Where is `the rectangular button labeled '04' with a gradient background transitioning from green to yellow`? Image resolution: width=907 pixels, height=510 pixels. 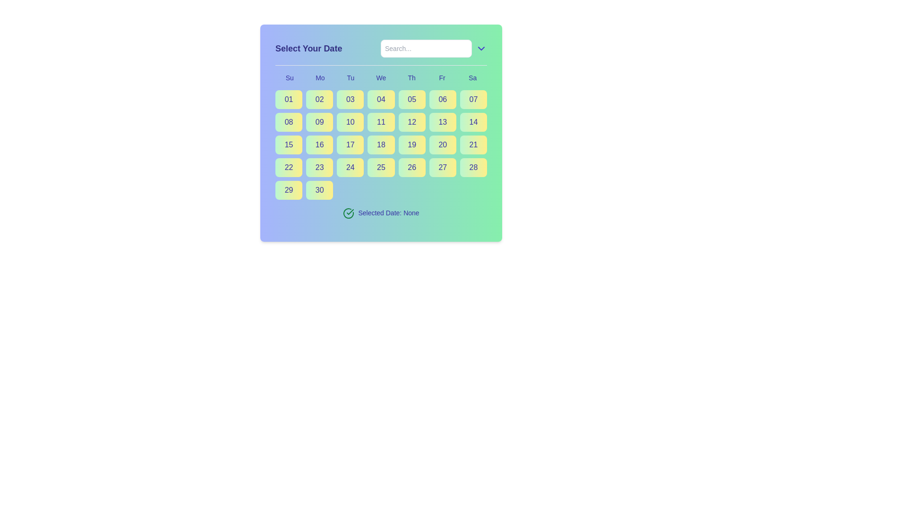
the rectangular button labeled '04' with a gradient background transitioning from green to yellow is located at coordinates (381, 100).